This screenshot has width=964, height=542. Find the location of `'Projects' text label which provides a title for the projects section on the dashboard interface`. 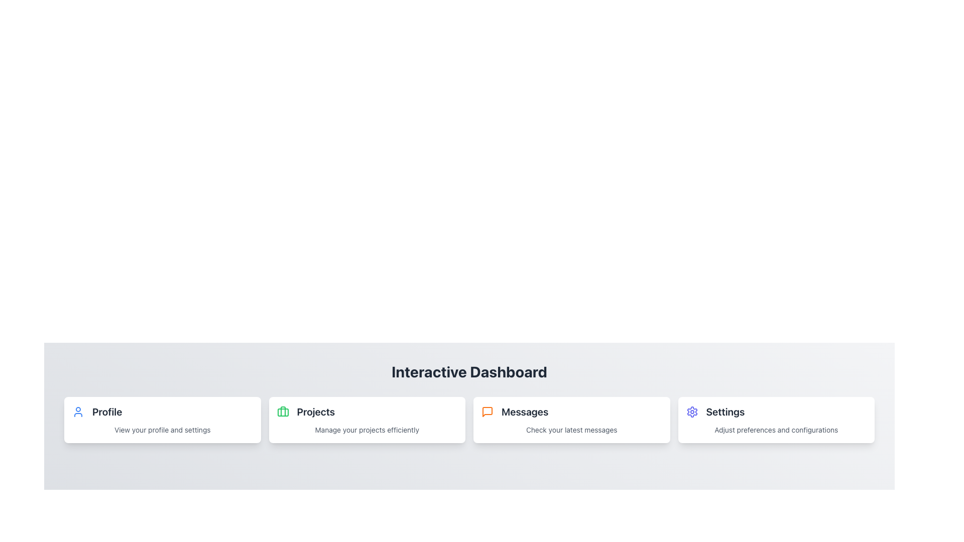

'Projects' text label which provides a title for the projects section on the dashboard interface is located at coordinates (315, 412).